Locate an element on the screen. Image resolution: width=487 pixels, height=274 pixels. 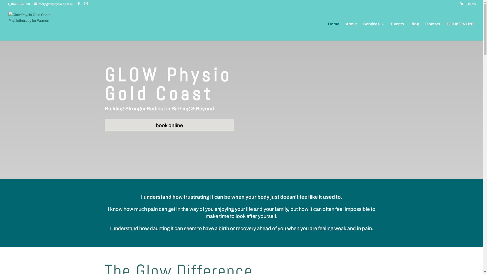
'About' is located at coordinates (351, 31).